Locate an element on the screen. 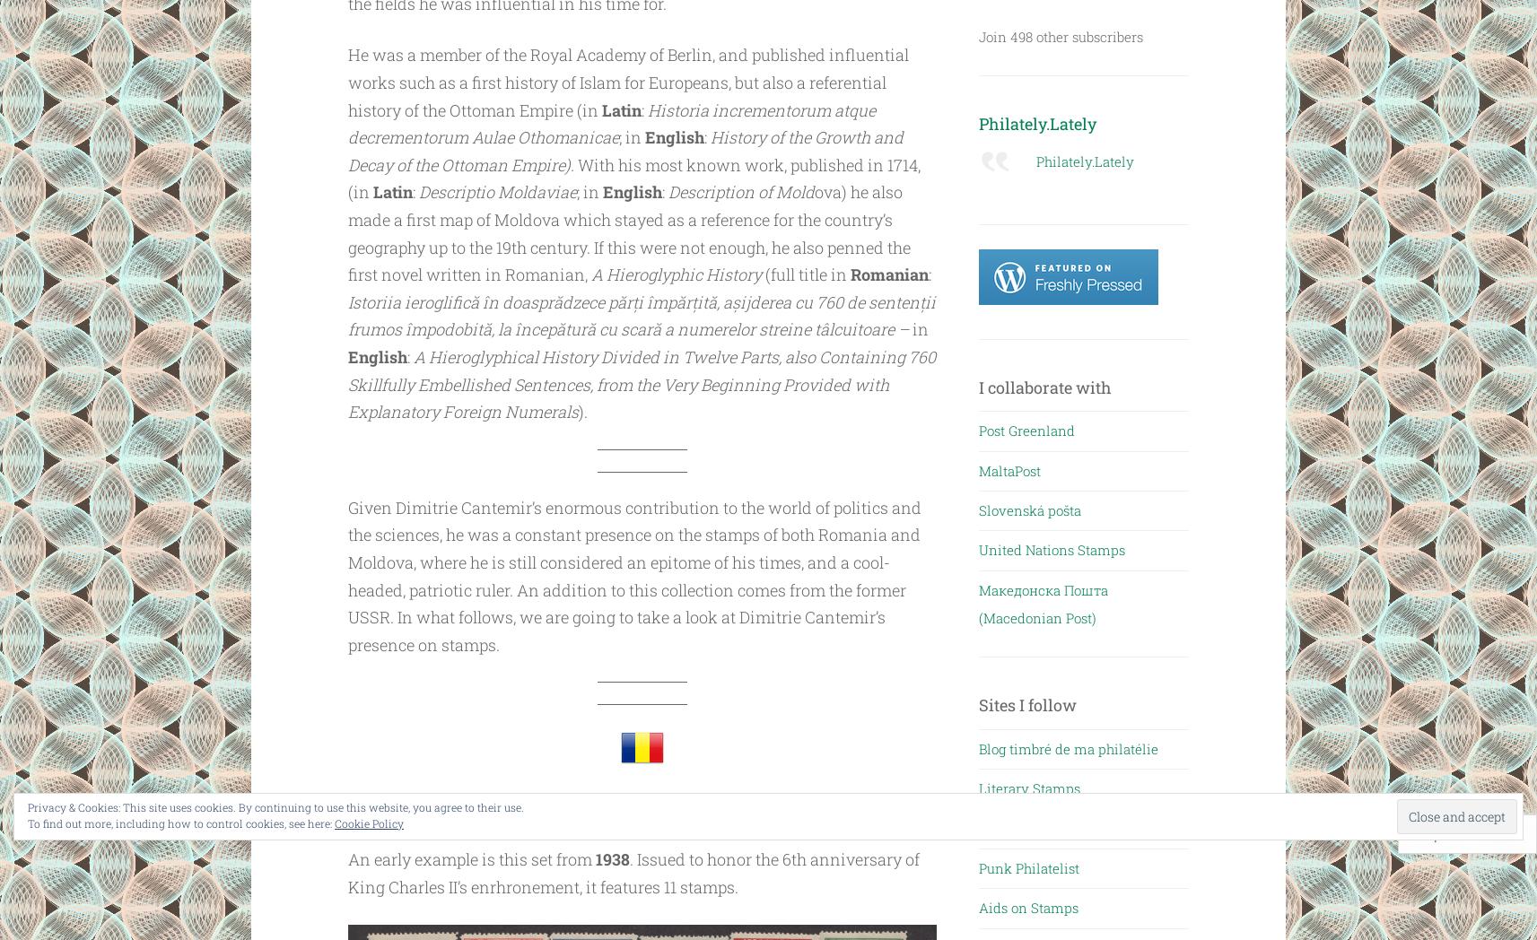 This screenshot has width=1537, height=940. 'Given Dimitrie Cantemir’s enormous contribution to the world of politics and the sciences, he was a constant presence on the stamps of both Romania and Moldova, where he is still considered an epitome of his times, and a cool-headed, patriotic ruler. An addition to this collection comes from the former USSR. In what follows, we are going to take a look at Dimitrie Cantemir’s presence on stamps.' is located at coordinates (633, 574).